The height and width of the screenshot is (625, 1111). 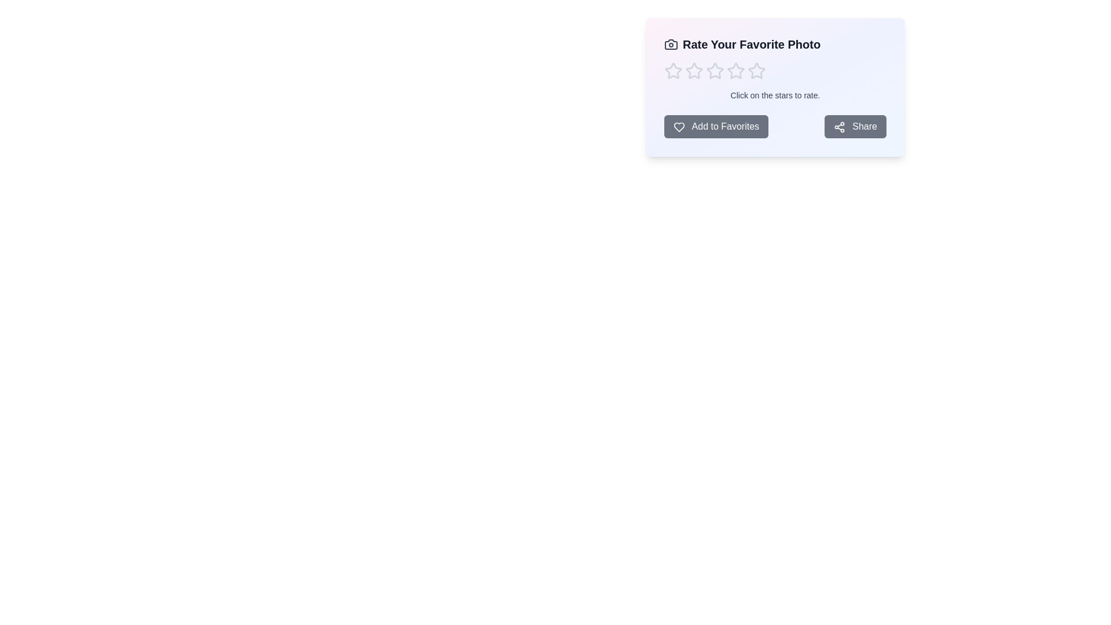 I want to click on the 'Add to Favorites' button, which is a gray rectangular button with white text and a heart-shaped icon, located adjacent to the 'Share' button, so click(x=716, y=127).